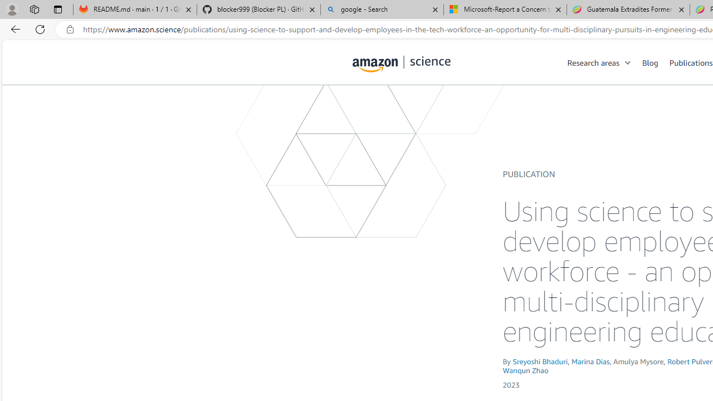 The width and height of the screenshot is (713, 401). What do you see at coordinates (690, 62) in the screenshot?
I see `'Publications'` at bounding box center [690, 62].